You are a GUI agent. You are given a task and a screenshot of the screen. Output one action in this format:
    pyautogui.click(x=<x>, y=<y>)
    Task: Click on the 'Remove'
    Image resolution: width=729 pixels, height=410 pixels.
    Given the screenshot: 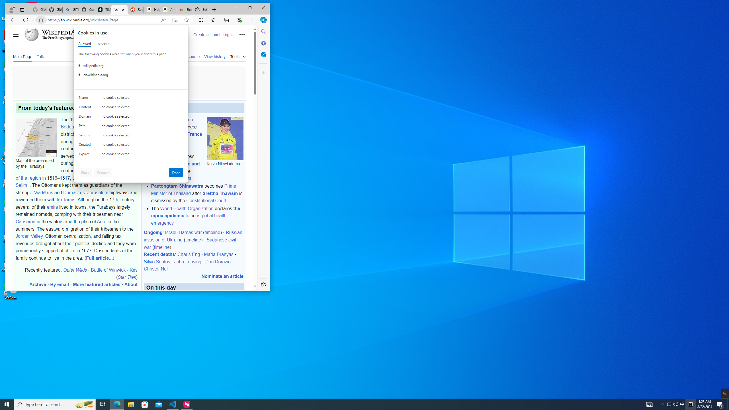 What is the action you would take?
    pyautogui.click(x=103, y=172)
    